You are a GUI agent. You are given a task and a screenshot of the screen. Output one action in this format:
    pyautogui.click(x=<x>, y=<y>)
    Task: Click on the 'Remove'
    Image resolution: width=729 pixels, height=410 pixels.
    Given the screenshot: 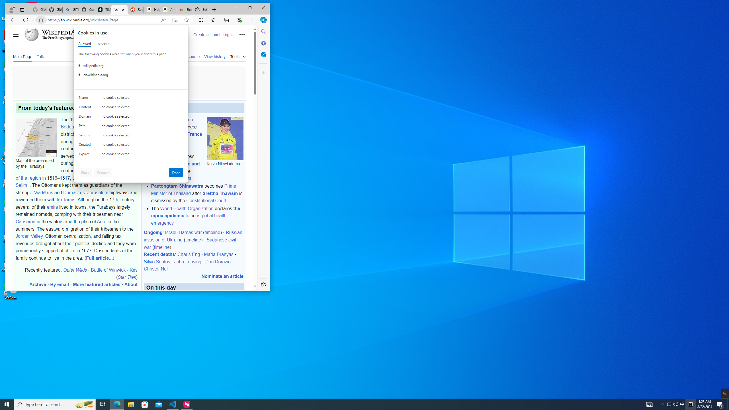 What is the action you would take?
    pyautogui.click(x=103, y=172)
    